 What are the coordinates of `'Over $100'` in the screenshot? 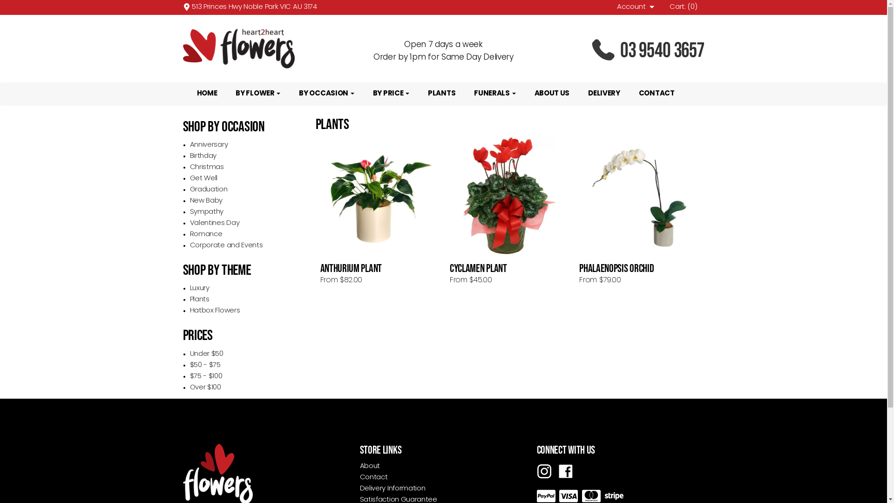 It's located at (205, 387).